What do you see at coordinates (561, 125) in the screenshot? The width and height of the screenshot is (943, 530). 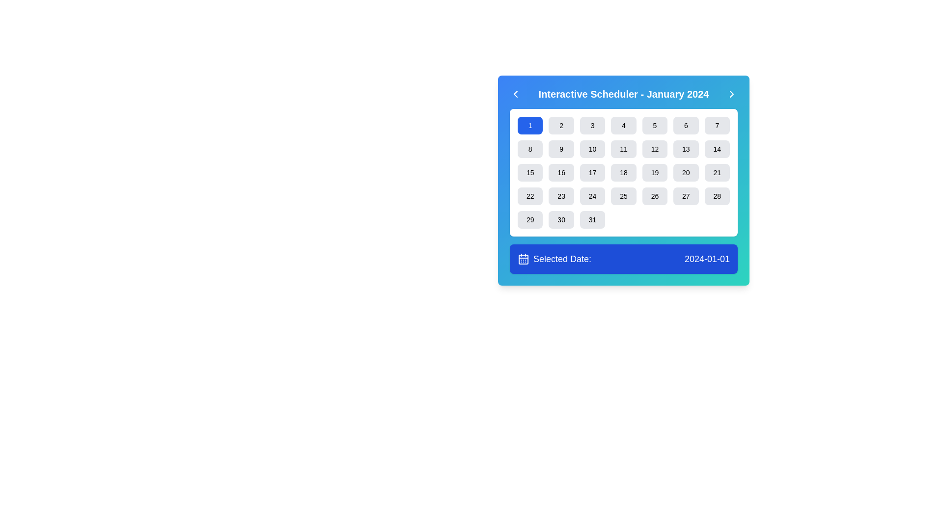 I see `the second button in the topmost row of the calendar interface` at bounding box center [561, 125].